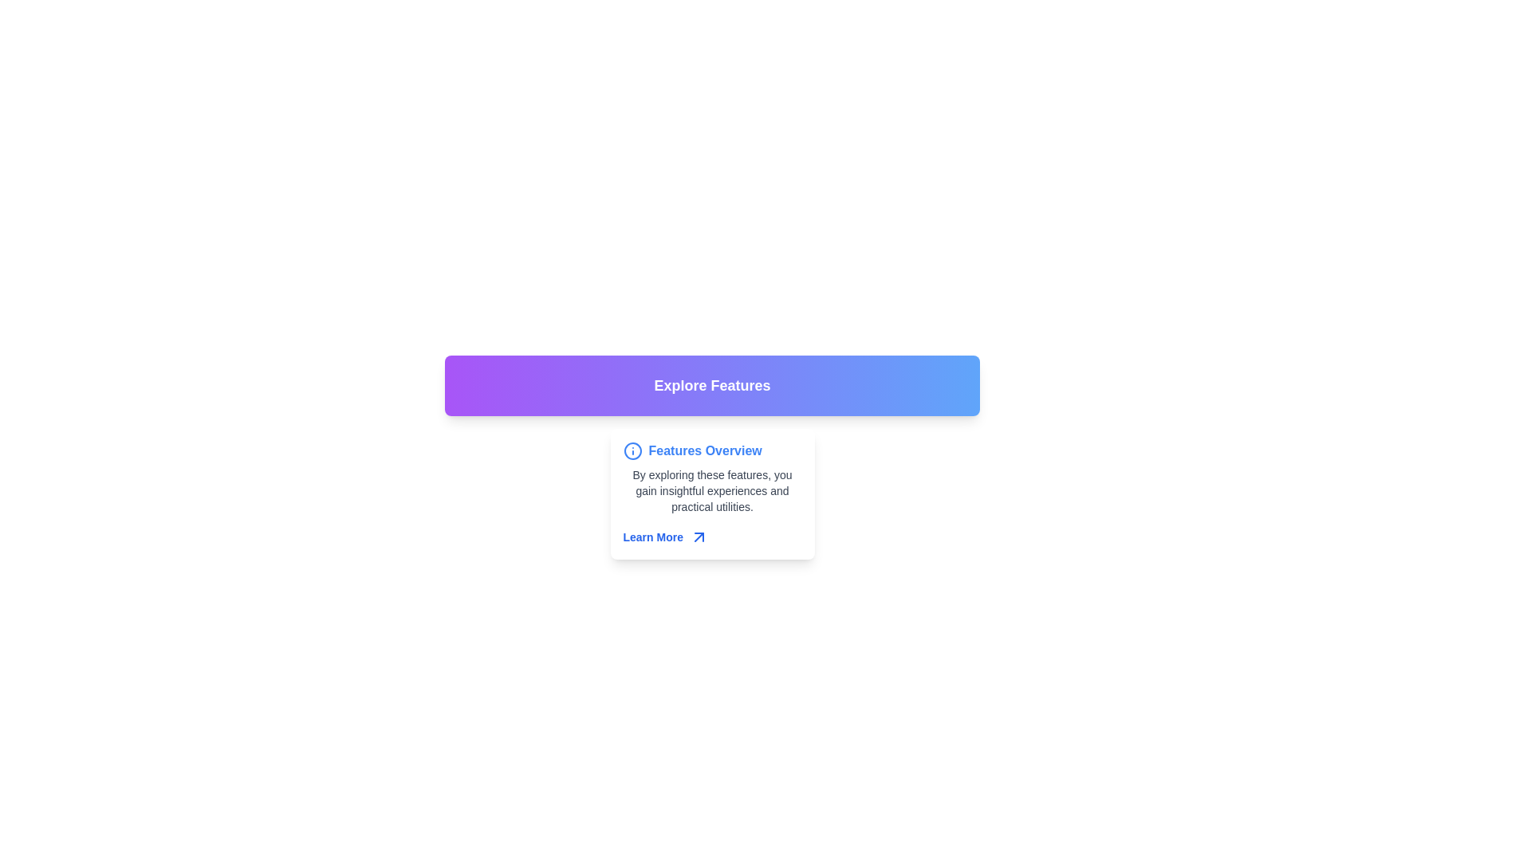 Image resolution: width=1531 pixels, height=861 pixels. What do you see at coordinates (699, 537) in the screenshot?
I see `the arrow icon that indicates external navigation next to the 'Learn More' text at the bottom left of the card element` at bounding box center [699, 537].